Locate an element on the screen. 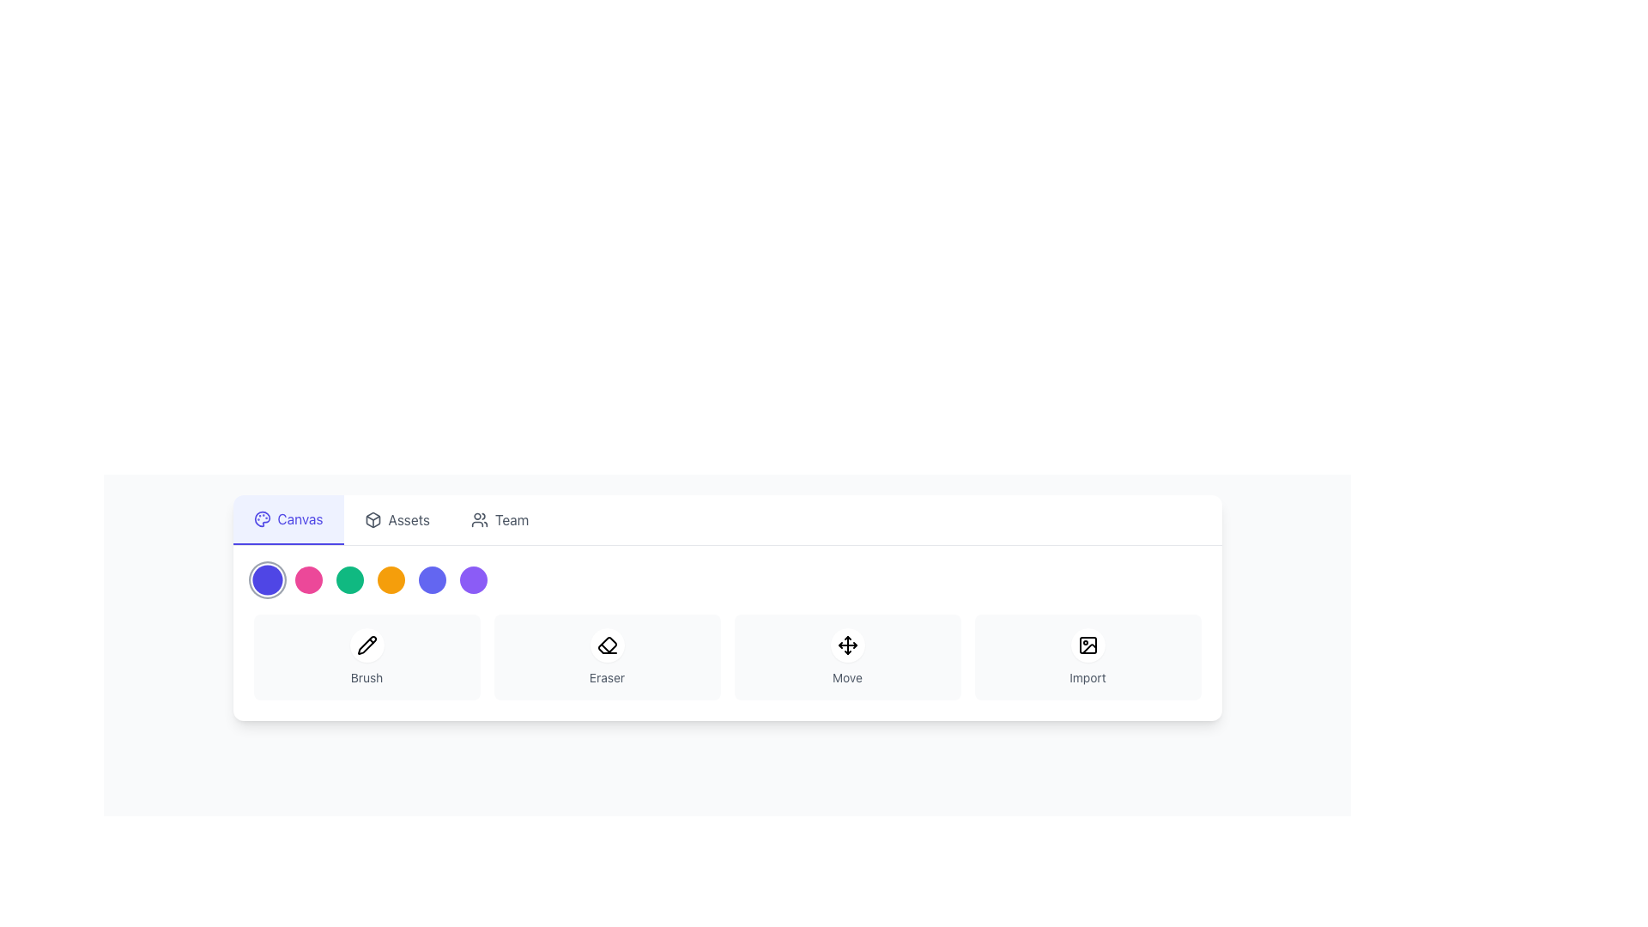 The width and height of the screenshot is (1648, 927). the button located at the far left of the horizontal menu bar is located at coordinates (288, 518).